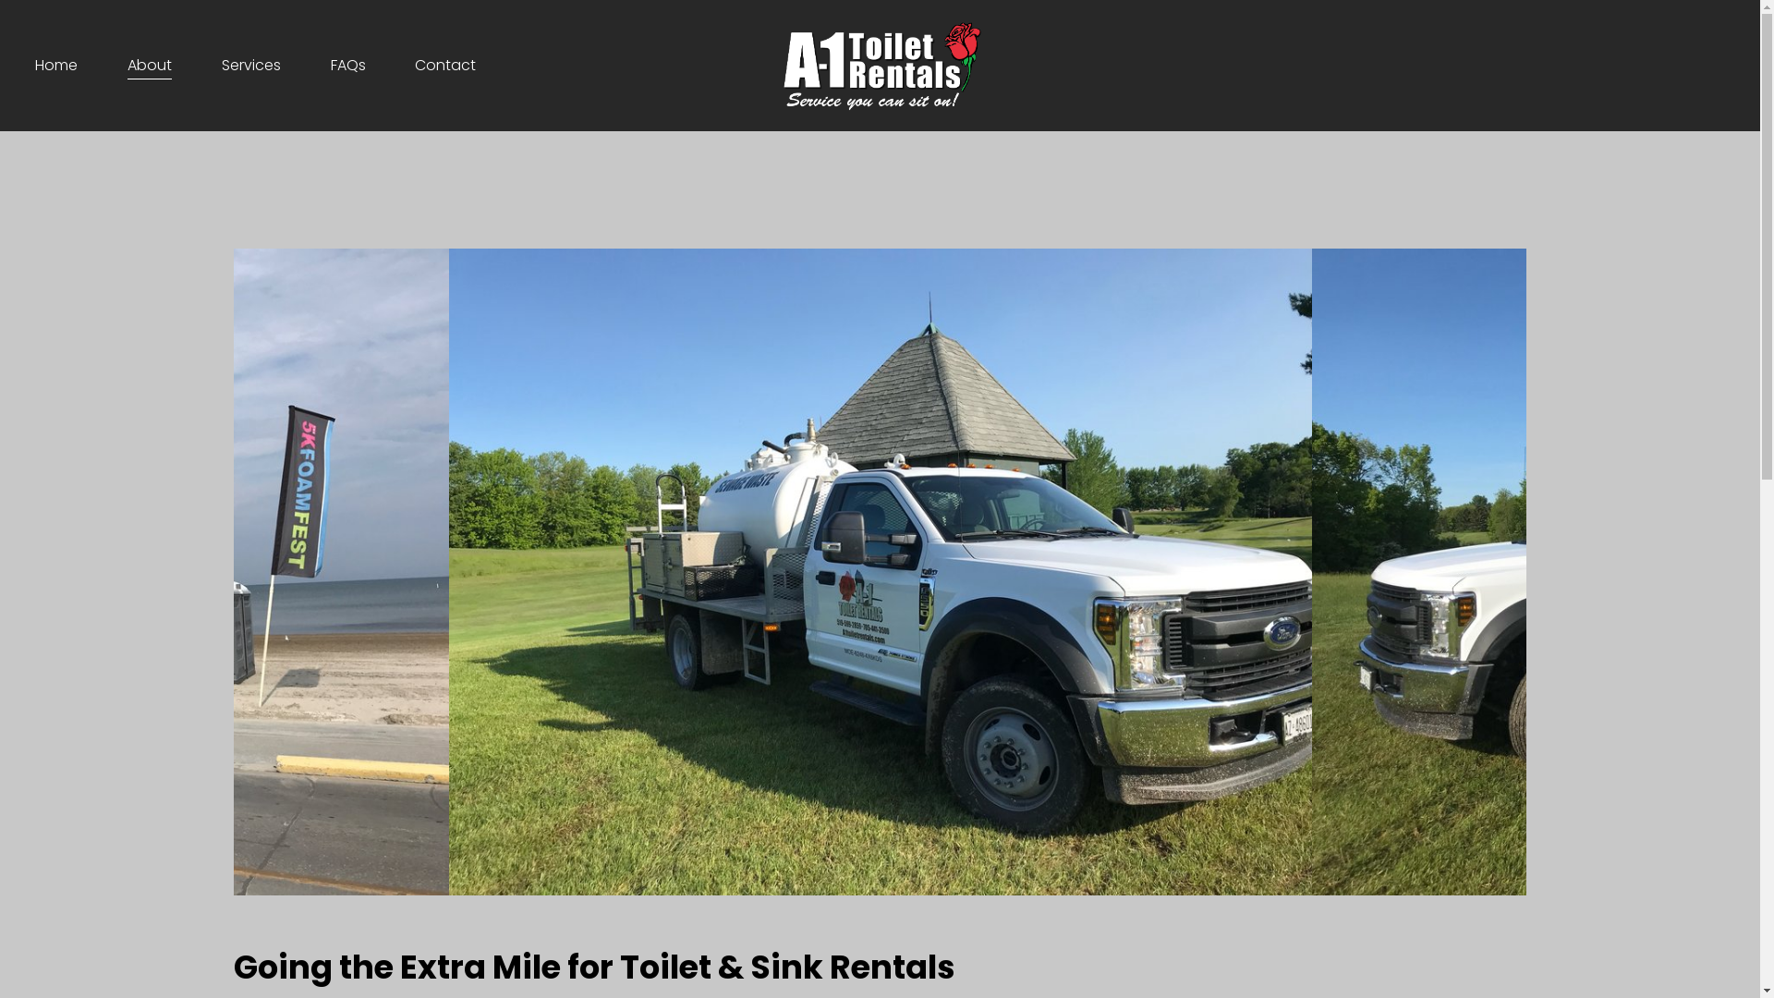 The image size is (1774, 998). What do you see at coordinates (250, 64) in the screenshot?
I see `'Services'` at bounding box center [250, 64].